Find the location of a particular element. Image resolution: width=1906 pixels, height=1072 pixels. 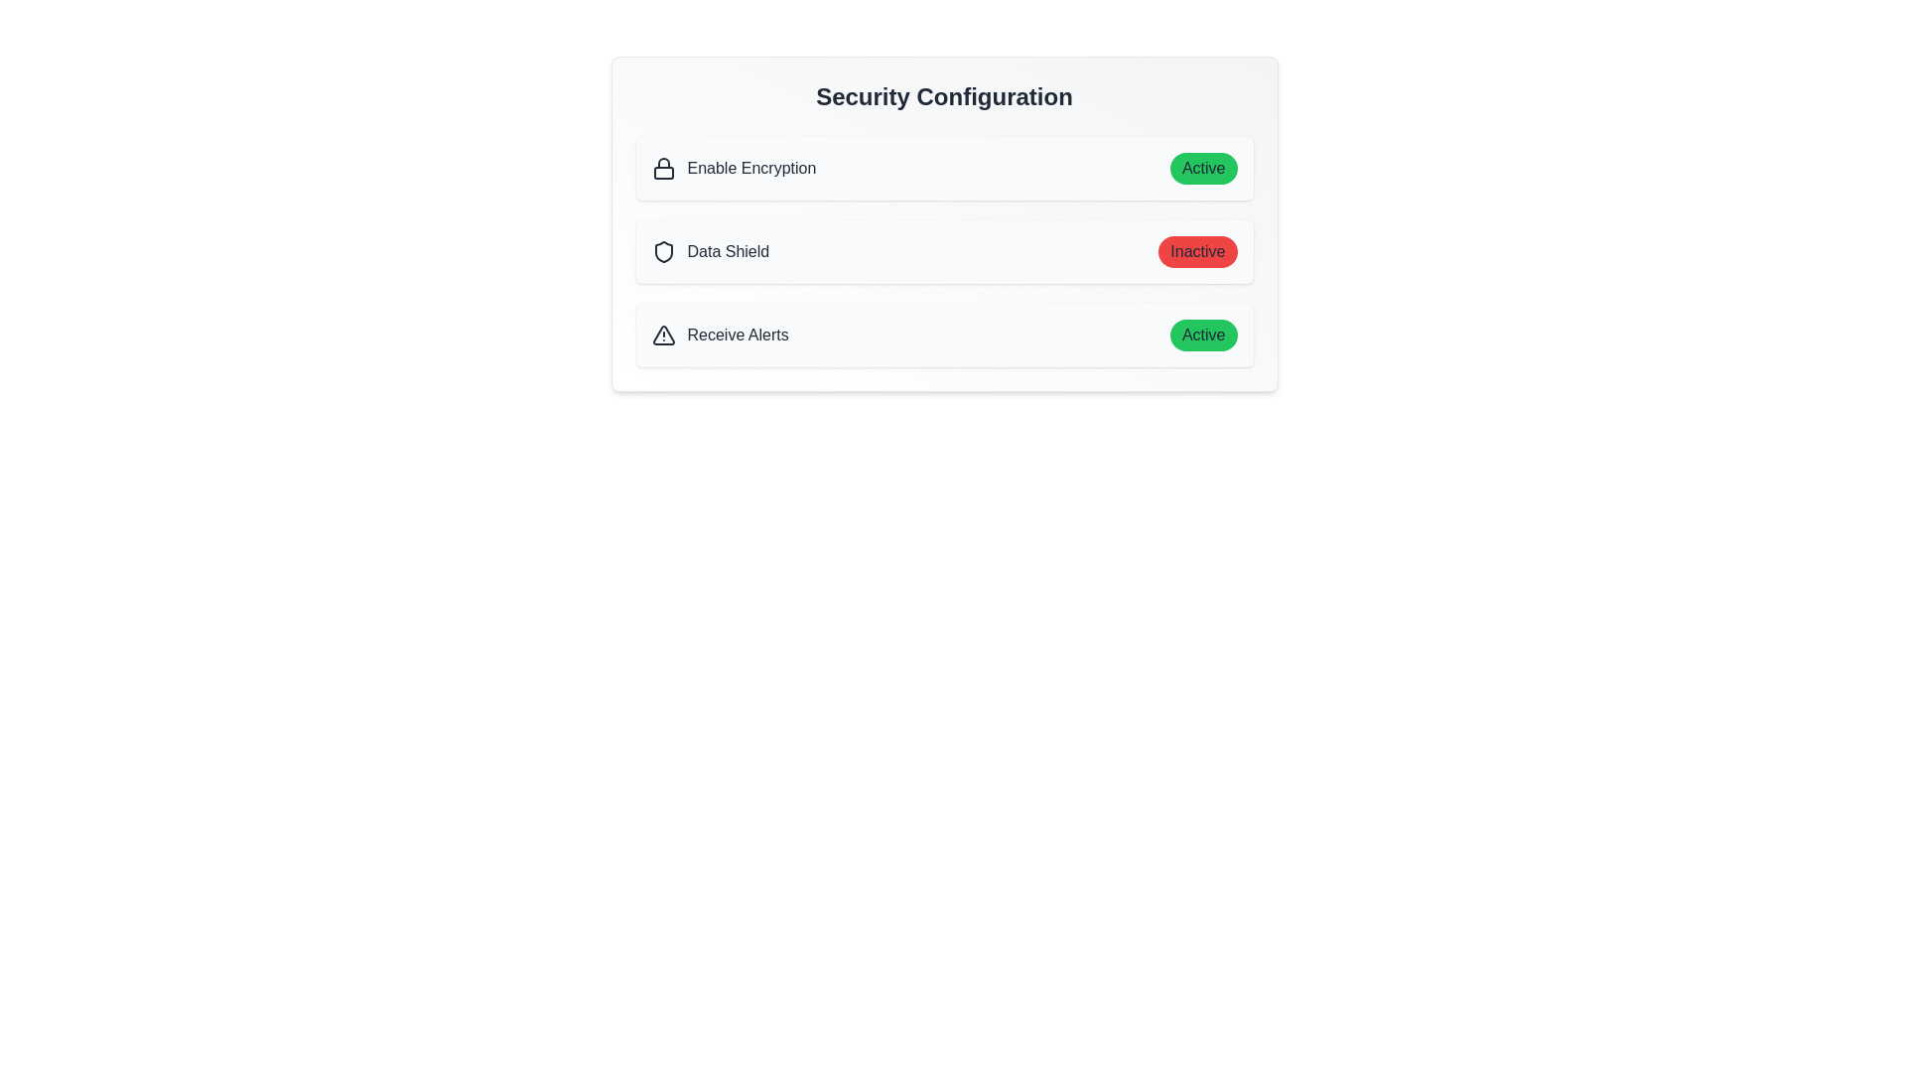

the small rectangle inside the lock icon that symbolizes the lock mechanism, located to the left of the 'Enable Encryption' text is located at coordinates (663, 172).